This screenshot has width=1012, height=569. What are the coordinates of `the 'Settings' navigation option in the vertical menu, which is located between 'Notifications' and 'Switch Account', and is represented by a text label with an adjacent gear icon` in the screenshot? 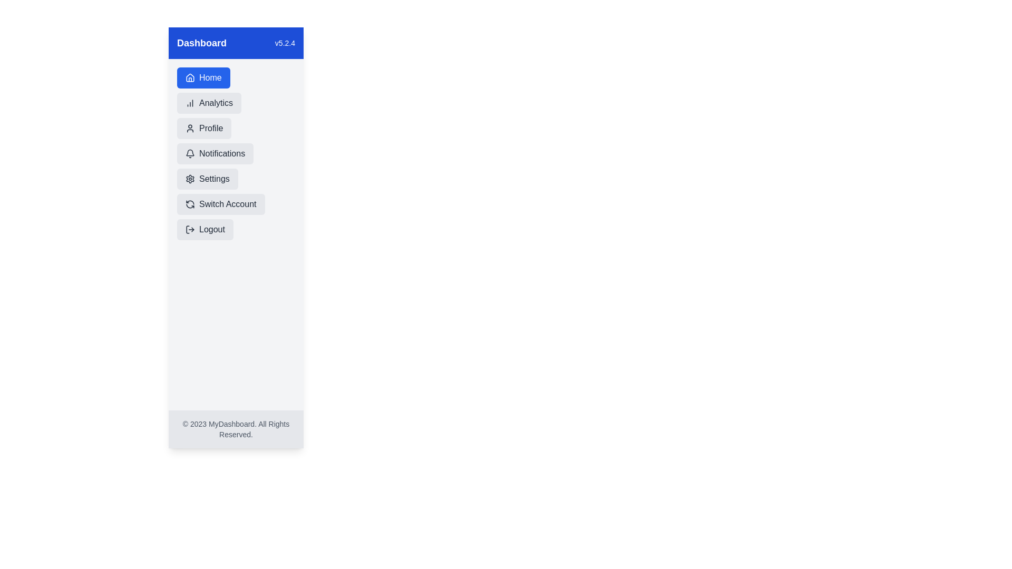 It's located at (213, 178).